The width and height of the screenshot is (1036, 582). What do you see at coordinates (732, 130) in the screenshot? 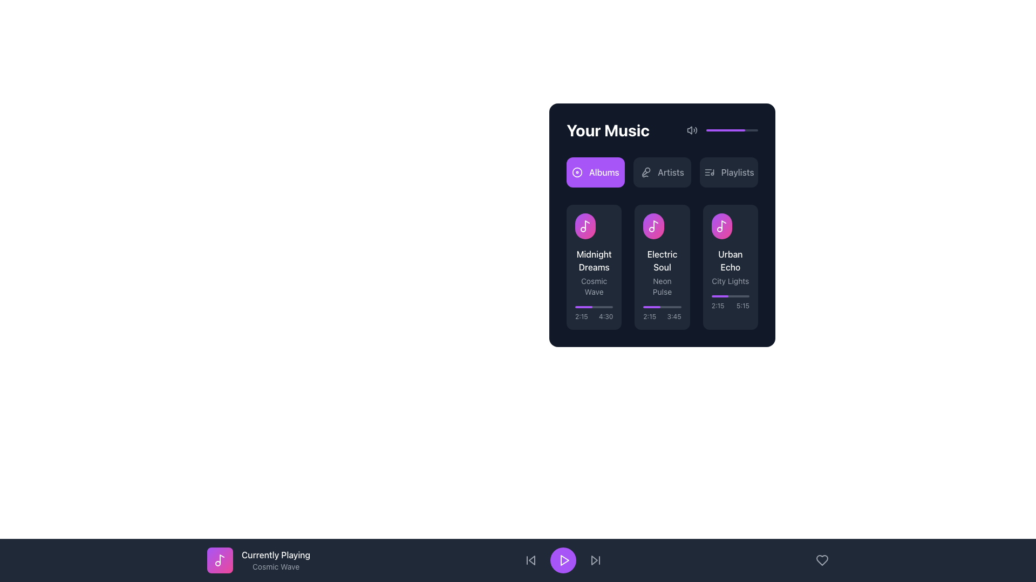
I see `the current state of the volume control progress bar located within the 'Currently Playing' section, which is visually represented by a purple filled segment` at bounding box center [732, 130].